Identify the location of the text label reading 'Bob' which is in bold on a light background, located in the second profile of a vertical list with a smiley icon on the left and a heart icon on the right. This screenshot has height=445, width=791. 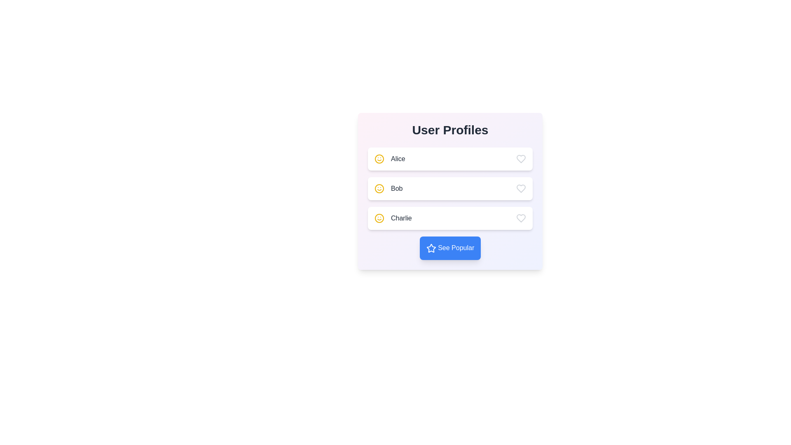
(397, 189).